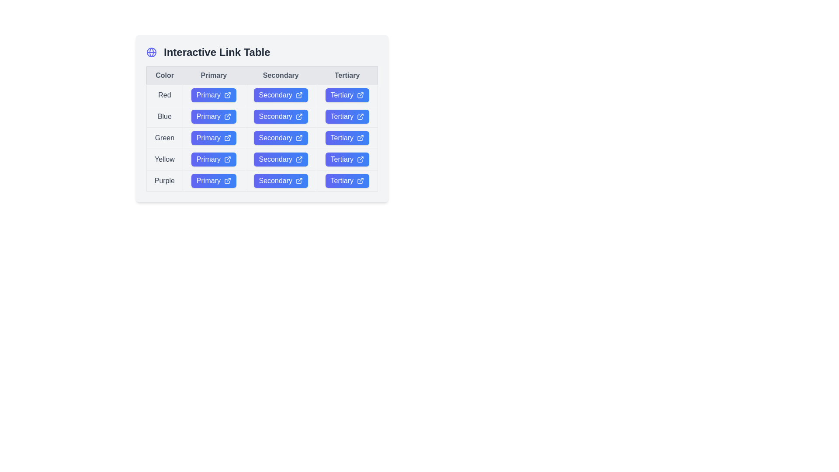 This screenshot has height=472, width=839. What do you see at coordinates (275, 95) in the screenshot?
I see `the 'Secondary' button in the second row of the table, which is associated with the 'Red' row in the 'Color' column` at bounding box center [275, 95].